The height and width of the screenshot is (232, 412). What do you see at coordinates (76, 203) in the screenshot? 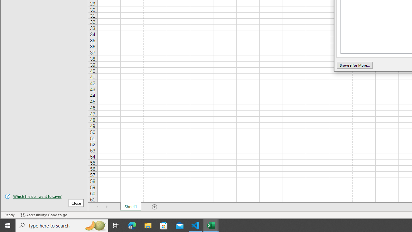
I see `'Close'` at bounding box center [76, 203].